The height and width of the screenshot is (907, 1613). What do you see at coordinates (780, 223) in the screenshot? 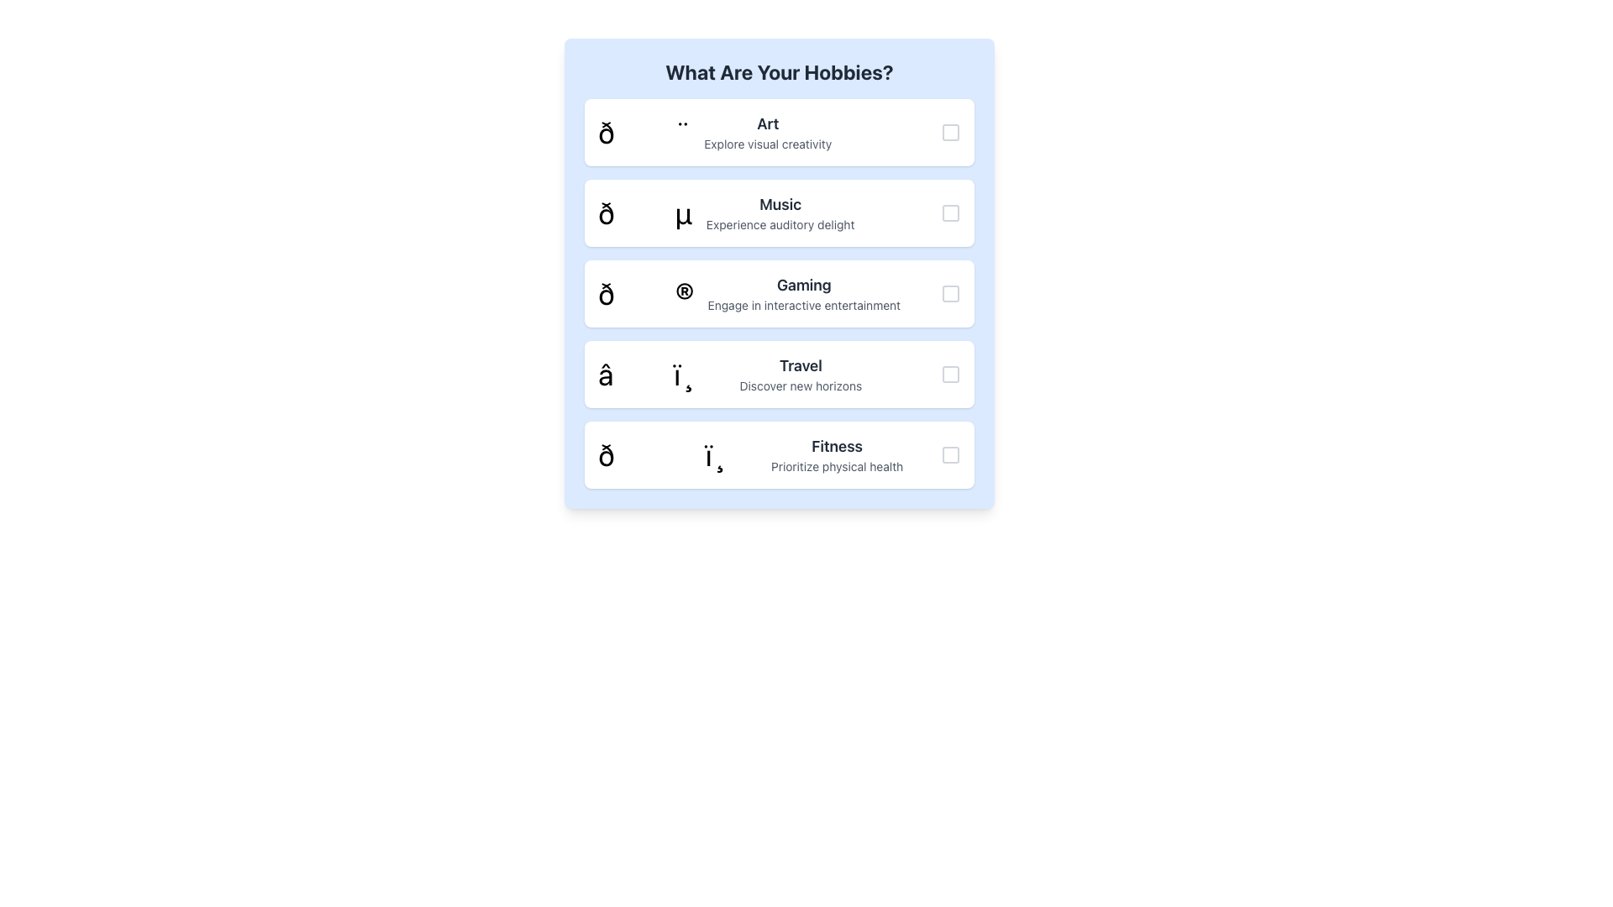
I see `the text label displaying 'Experience auditory delight' located under the 'Music' header in the 'What Are Your Hobbies?' list` at bounding box center [780, 223].